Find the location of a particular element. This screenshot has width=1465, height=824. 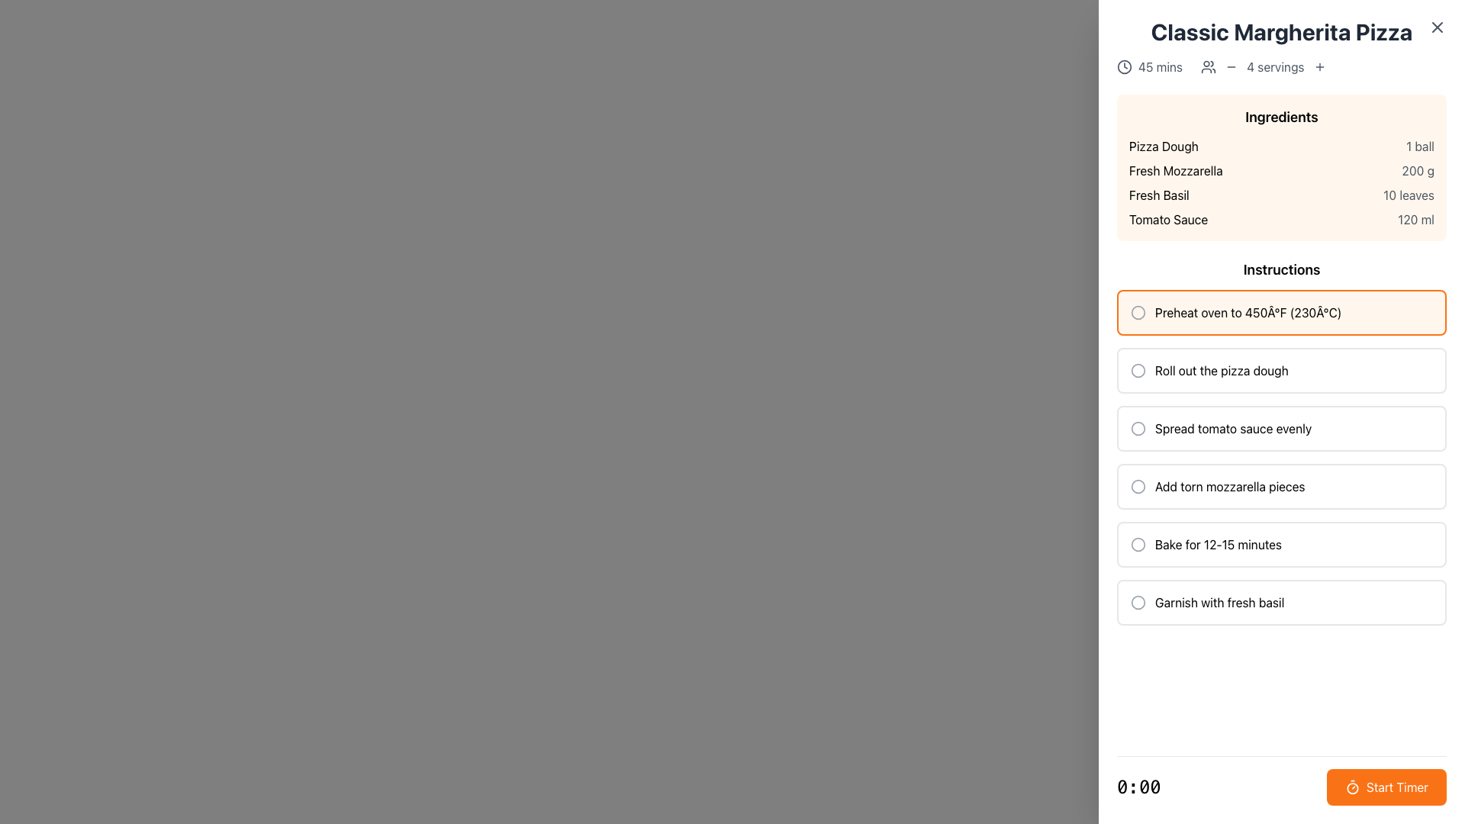

the second interactive button in the top-right corner of the serving size section to increase the serving count for the recipe is located at coordinates (1318, 66).